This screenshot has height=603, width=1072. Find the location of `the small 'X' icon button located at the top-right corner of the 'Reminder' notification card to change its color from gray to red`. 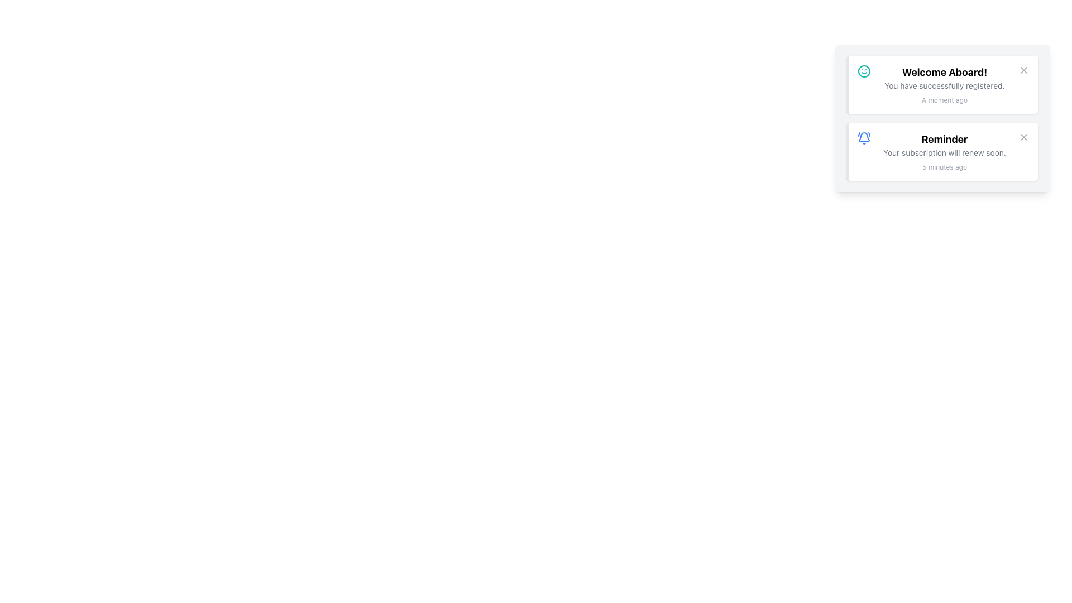

the small 'X' icon button located at the top-right corner of the 'Reminder' notification card to change its color from gray to red is located at coordinates (1023, 137).